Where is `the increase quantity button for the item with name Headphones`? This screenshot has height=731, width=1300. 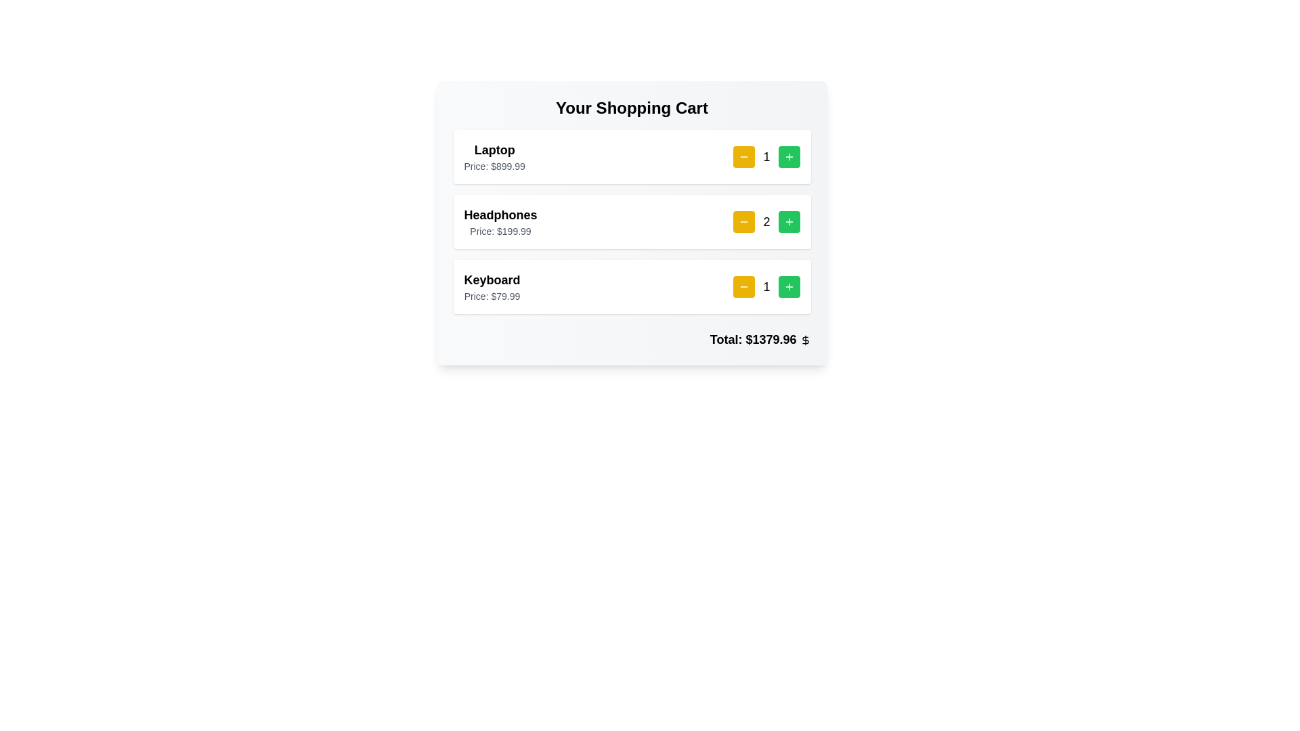
the increase quantity button for the item with name Headphones is located at coordinates (789, 221).